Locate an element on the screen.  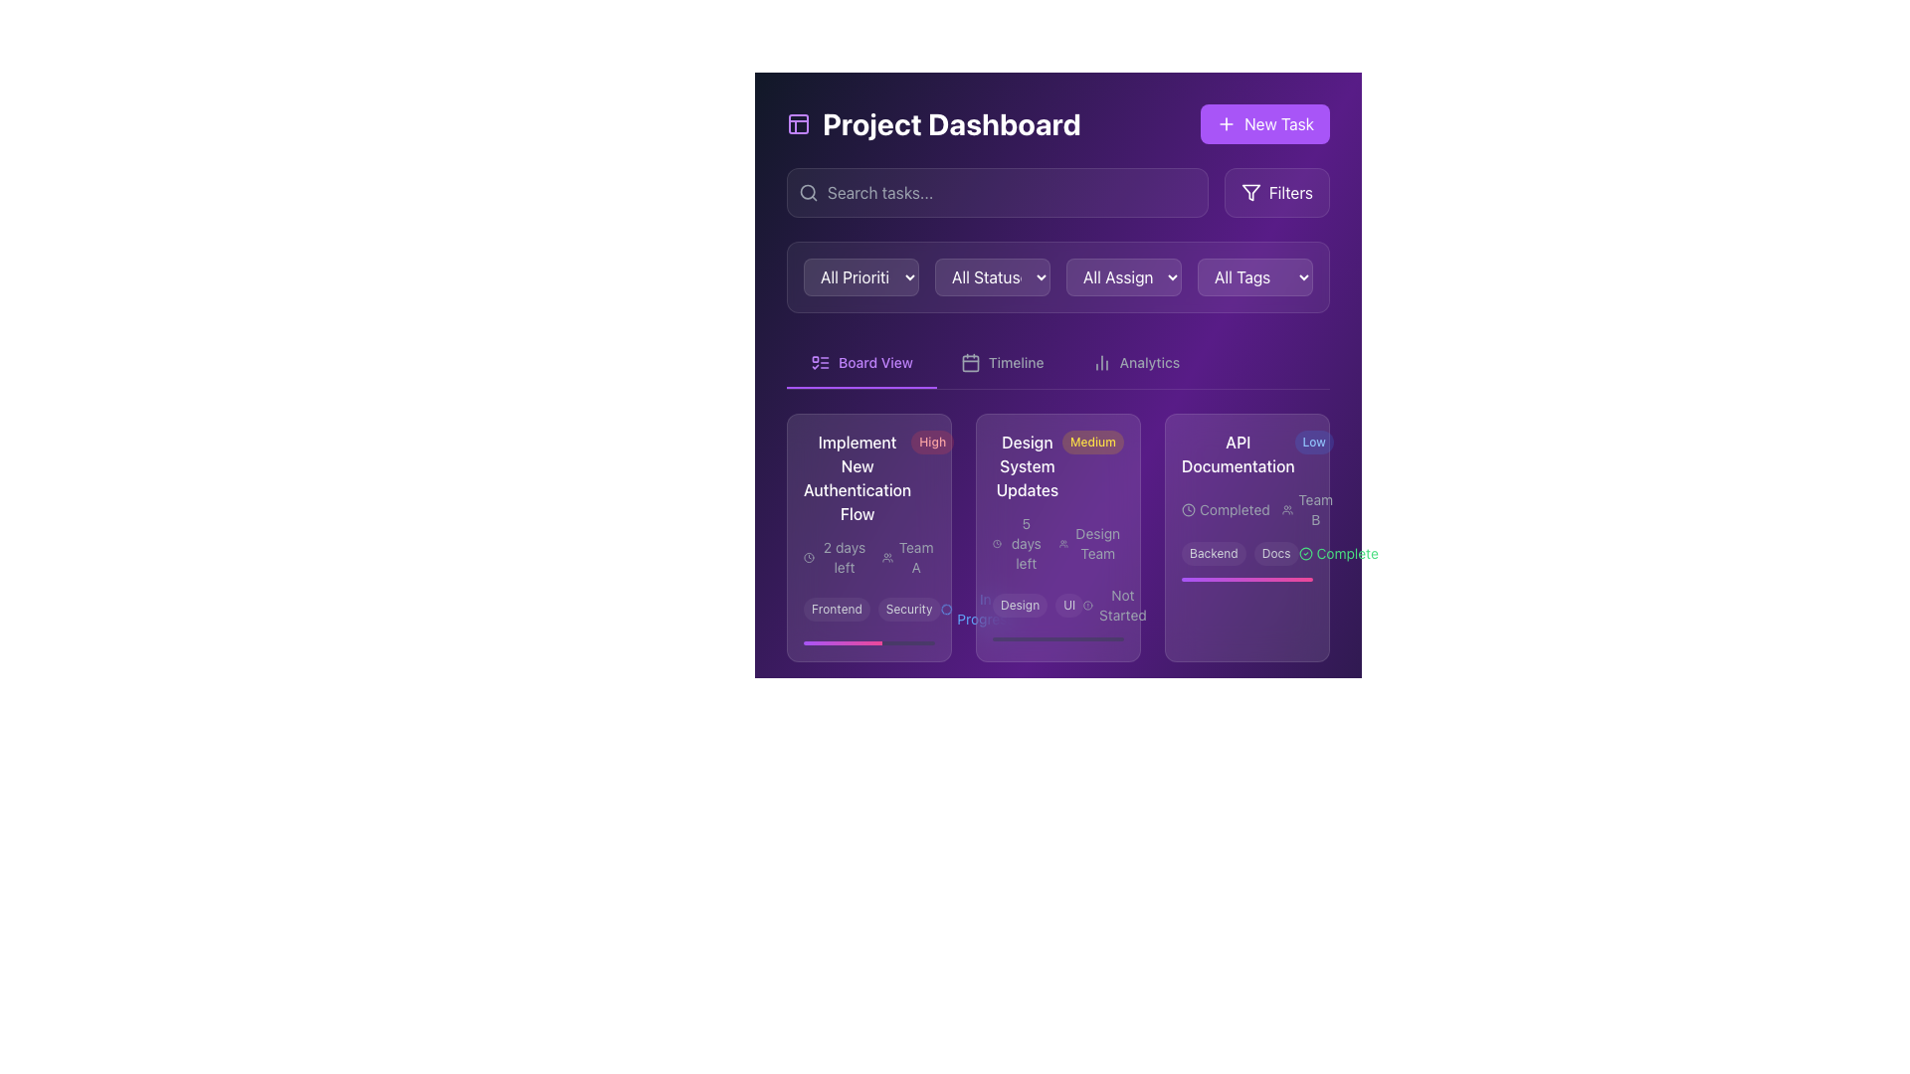
the 'DevOps' label with the group icon, which is a small gray text adjacent to a thin line icon, located at the bottom section of the interface is located at coordinates (1278, 792).